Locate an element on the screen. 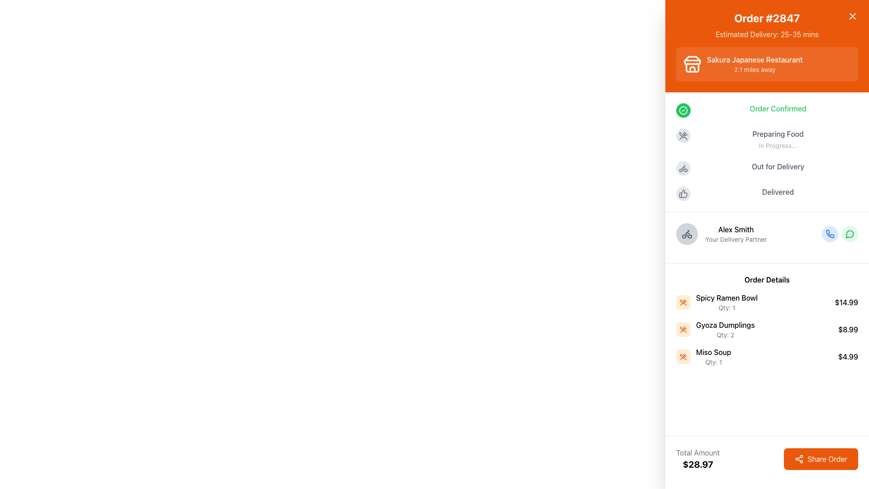 This screenshot has width=869, height=489. text content of the 'Miso Soup' item in the order list, which is the third item in the list of ordered items is located at coordinates (713, 356).